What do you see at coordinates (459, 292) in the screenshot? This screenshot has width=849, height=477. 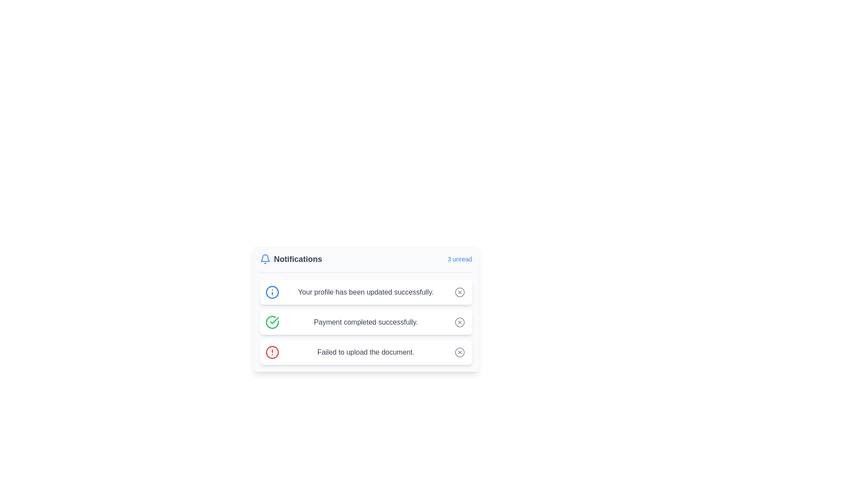 I see `the close button located on the rightmost edge of the notification panel` at bounding box center [459, 292].